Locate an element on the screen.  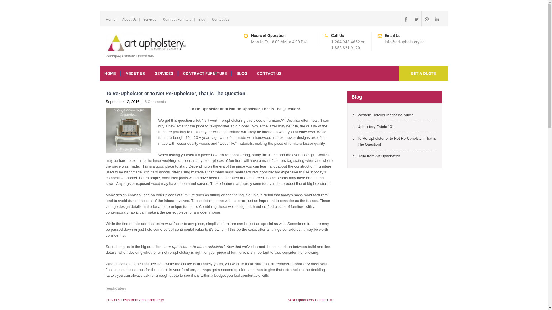
'Home' is located at coordinates (110, 19).